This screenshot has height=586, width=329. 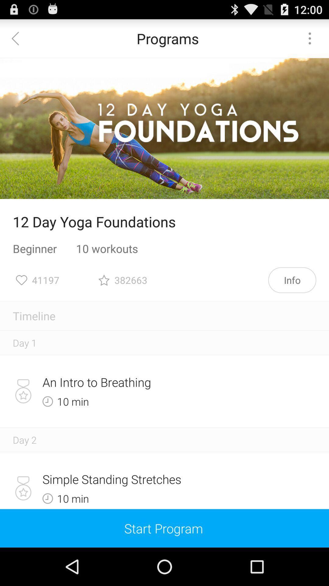 What do you see at coordinates (292, 280) in the screenshot?
I see `icon to the right of 382663` at bounding box center [292, 280].